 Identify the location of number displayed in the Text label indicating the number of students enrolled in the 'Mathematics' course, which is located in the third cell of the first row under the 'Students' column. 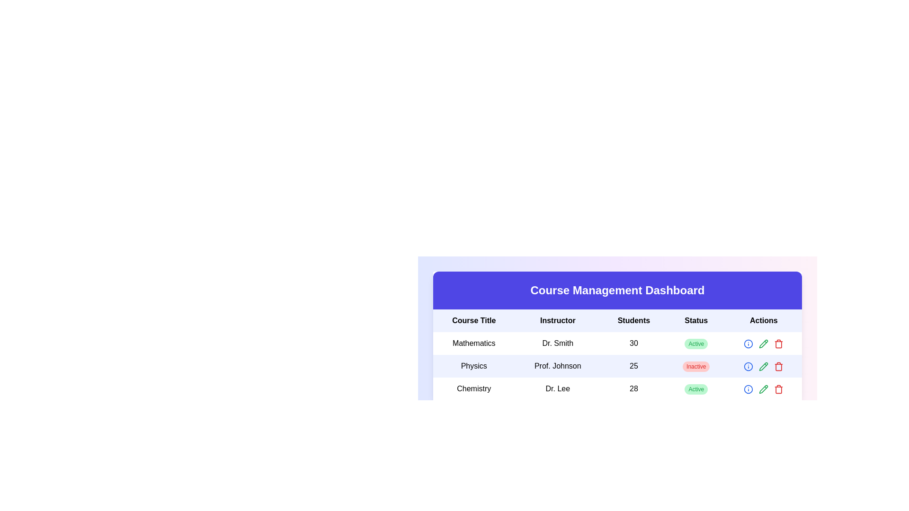
(633, 343).